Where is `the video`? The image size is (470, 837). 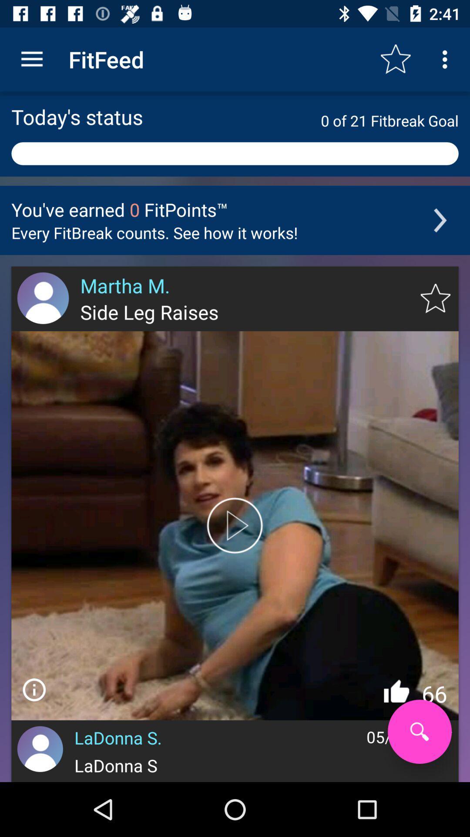
the video is located at coordinates (235, 525).